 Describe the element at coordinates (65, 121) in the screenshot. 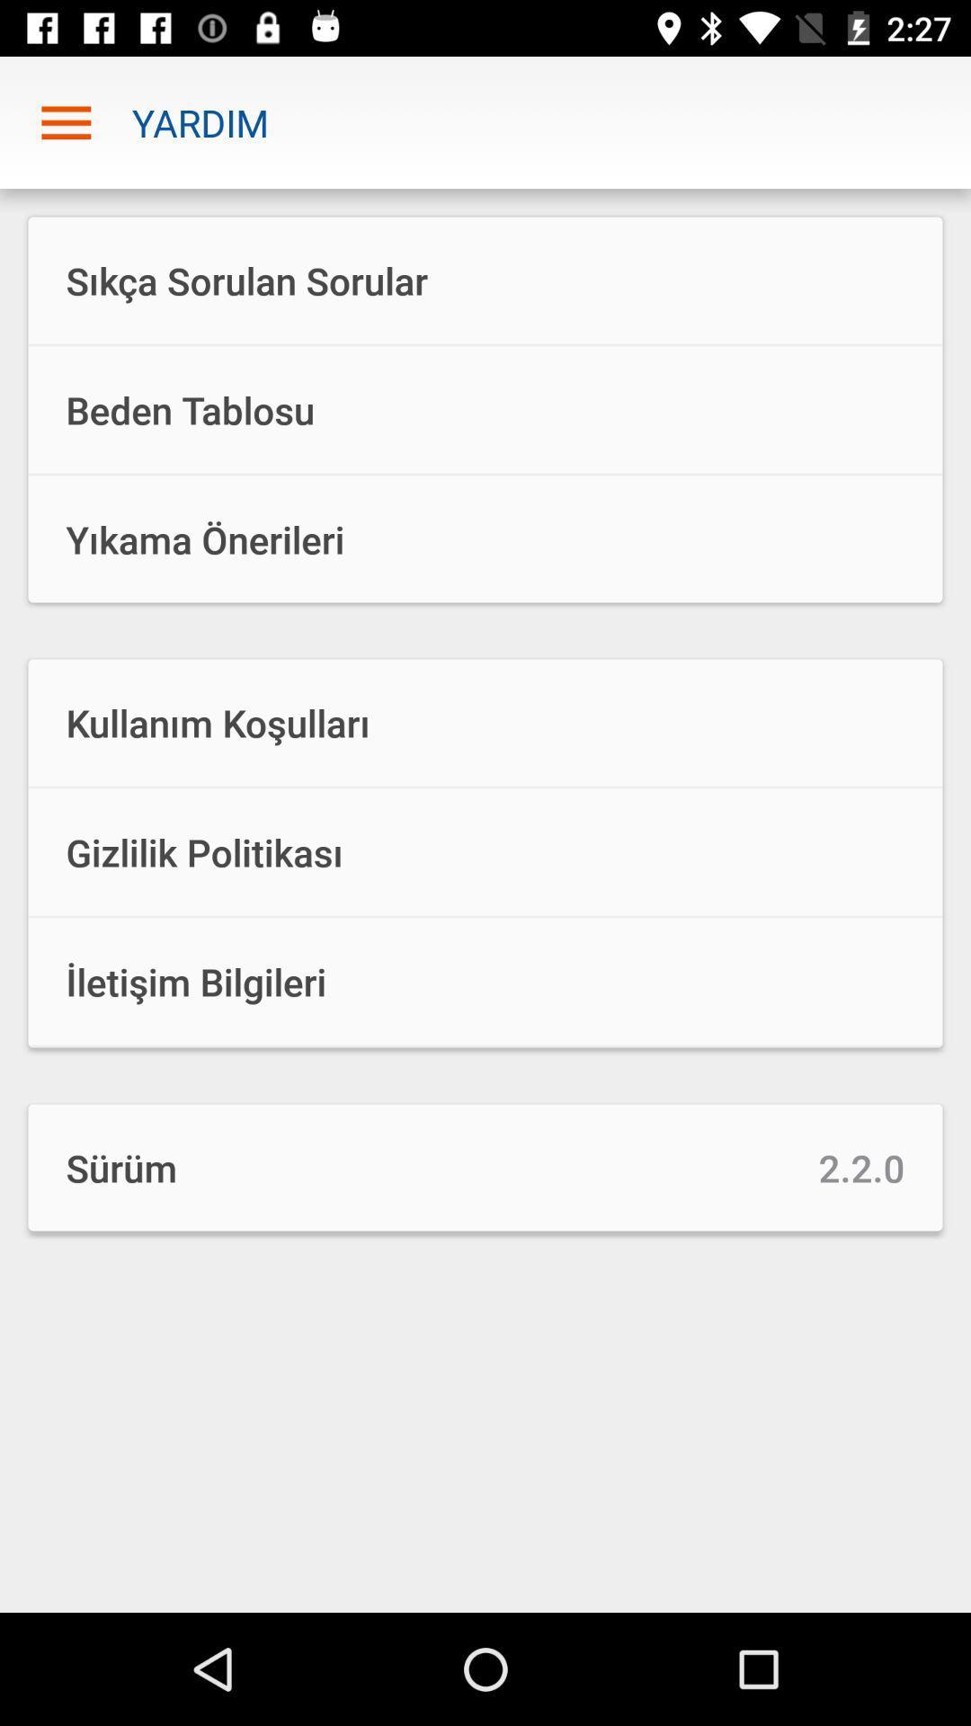

I see `icon next to yardim icon` at that location.